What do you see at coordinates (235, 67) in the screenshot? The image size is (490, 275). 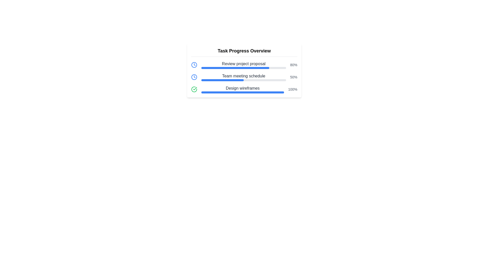 I see `the first progress bar indicating the completion of the task 'Review project proposal', currently at 80%` at bounding box center [235, 67].